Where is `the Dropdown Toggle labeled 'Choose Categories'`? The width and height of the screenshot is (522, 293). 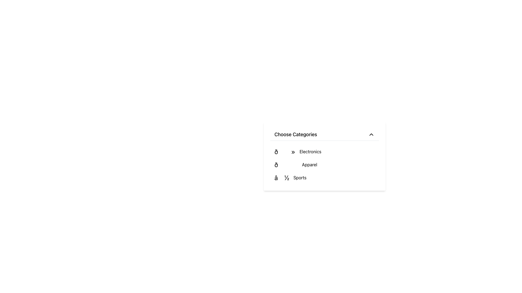 the Dropdown Toggle labeled 'Choose Categories' is located at coordinates (324, 134).